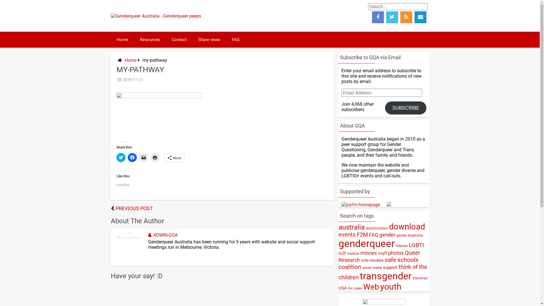  I want to click on 'medical', so click(347, 253).